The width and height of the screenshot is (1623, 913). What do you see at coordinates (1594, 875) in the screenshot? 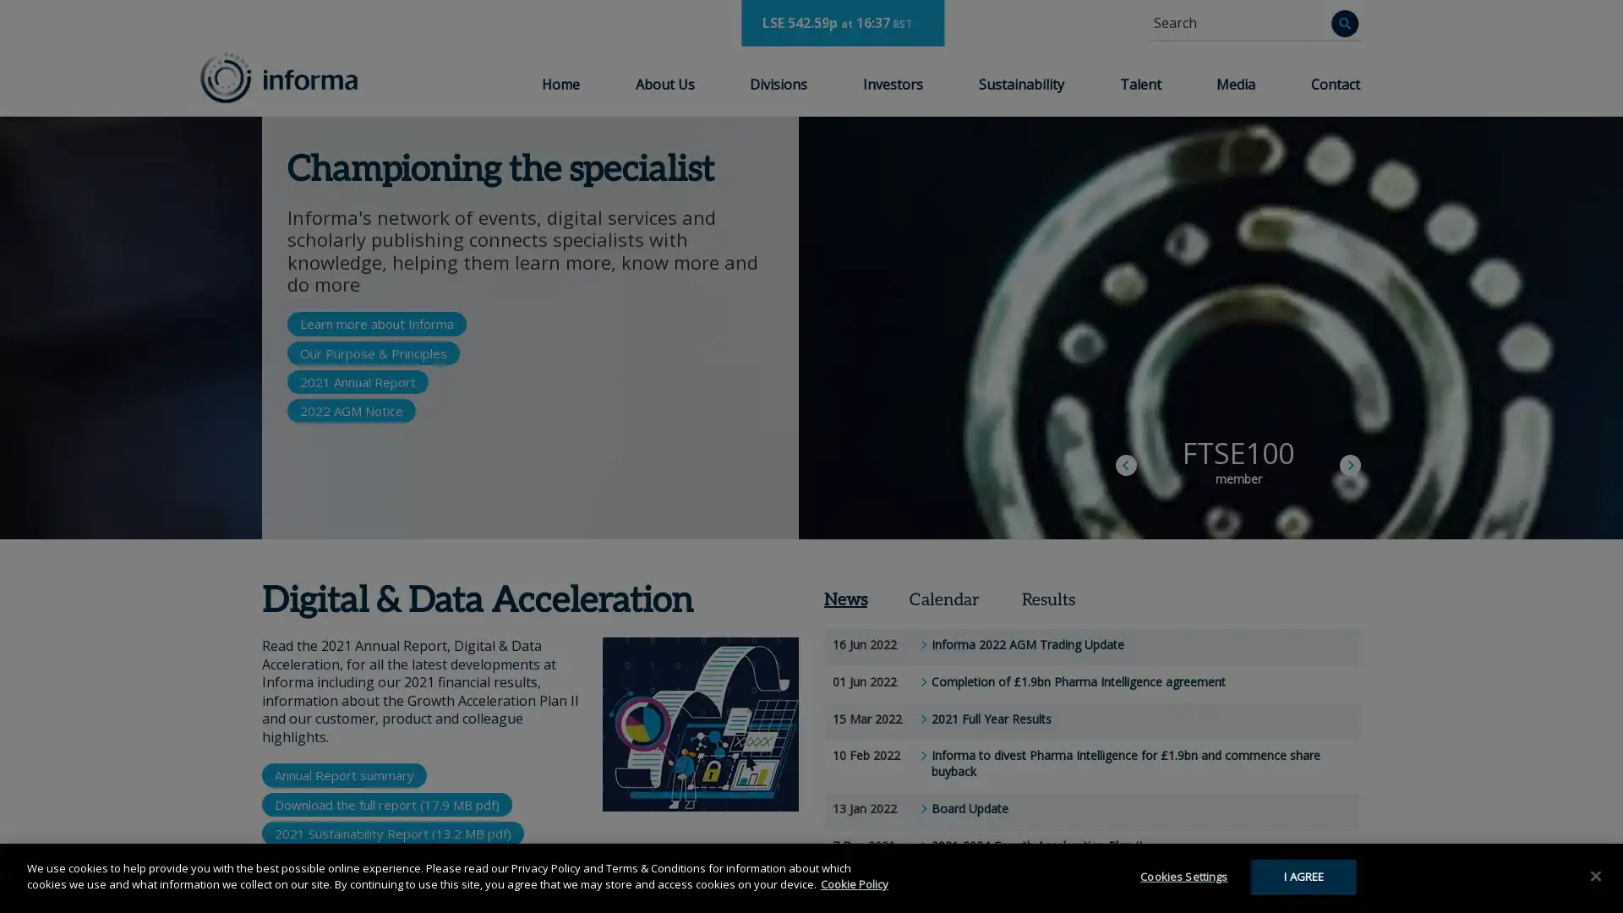
I see `Close` at bounding box center [1594, 875].